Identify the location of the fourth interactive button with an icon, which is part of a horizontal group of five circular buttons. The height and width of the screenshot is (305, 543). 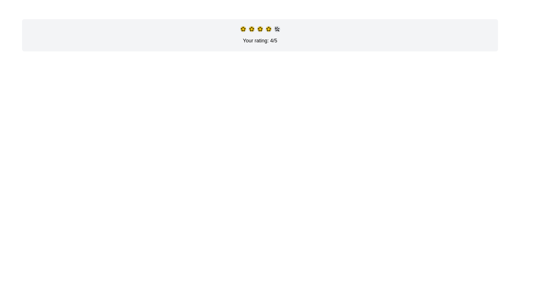
(268, 29).